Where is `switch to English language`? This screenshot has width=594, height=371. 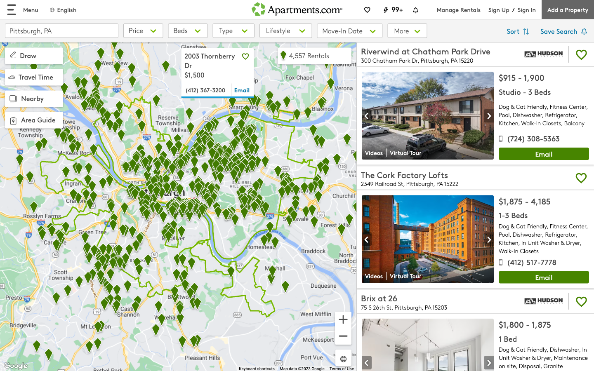
switch to English language is located at coordinates (62, 9).